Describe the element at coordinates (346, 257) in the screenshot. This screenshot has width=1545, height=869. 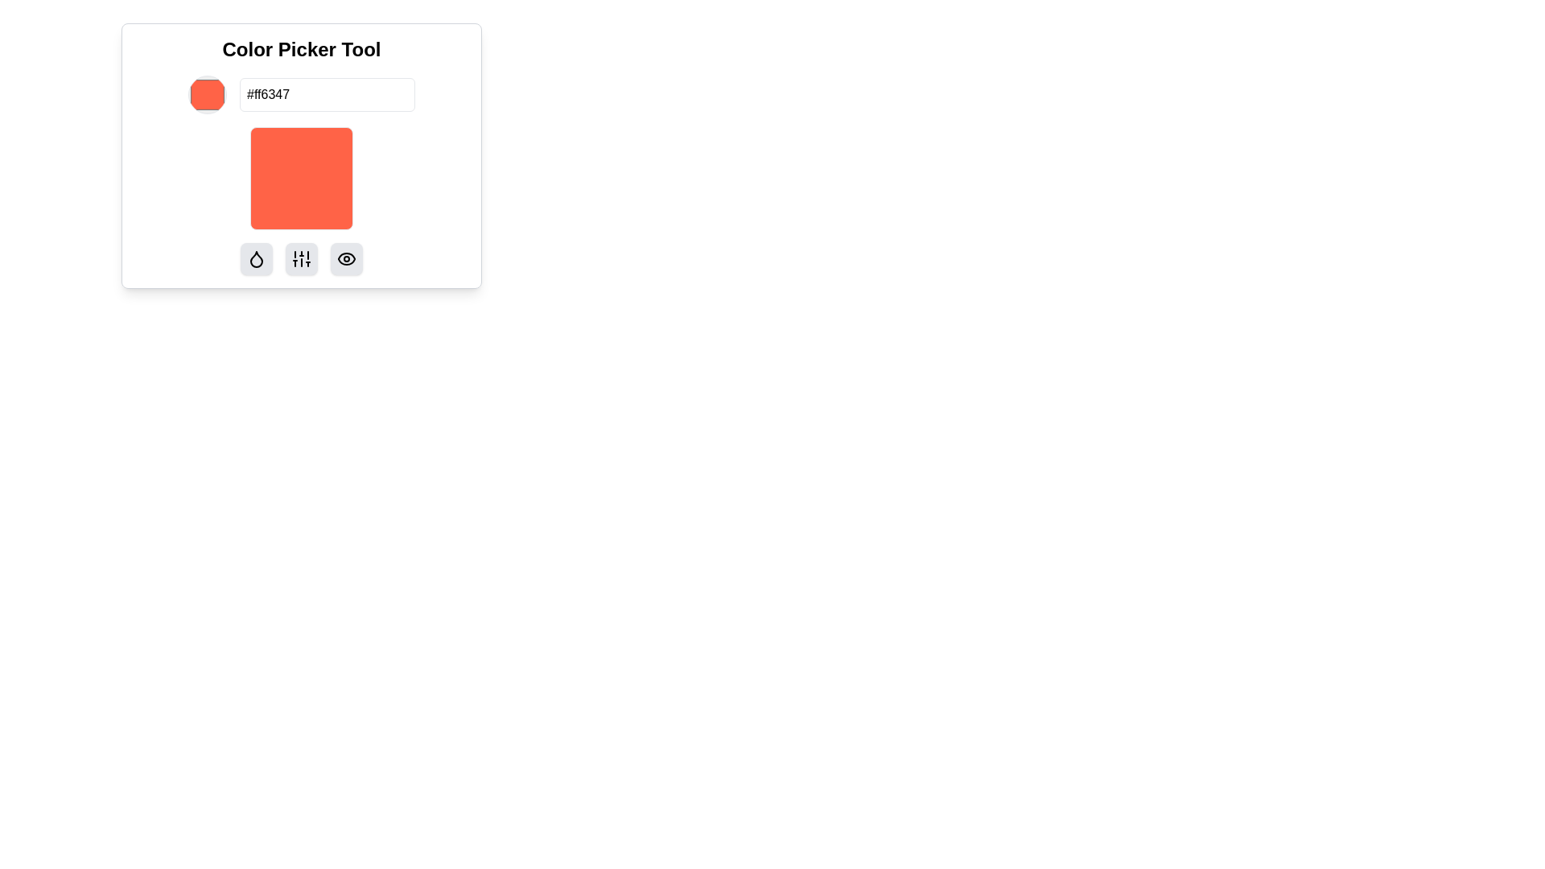
I see `the third button in the horizontal group of buttons at the bottom-right corner of the color picker tool interface` at that location.